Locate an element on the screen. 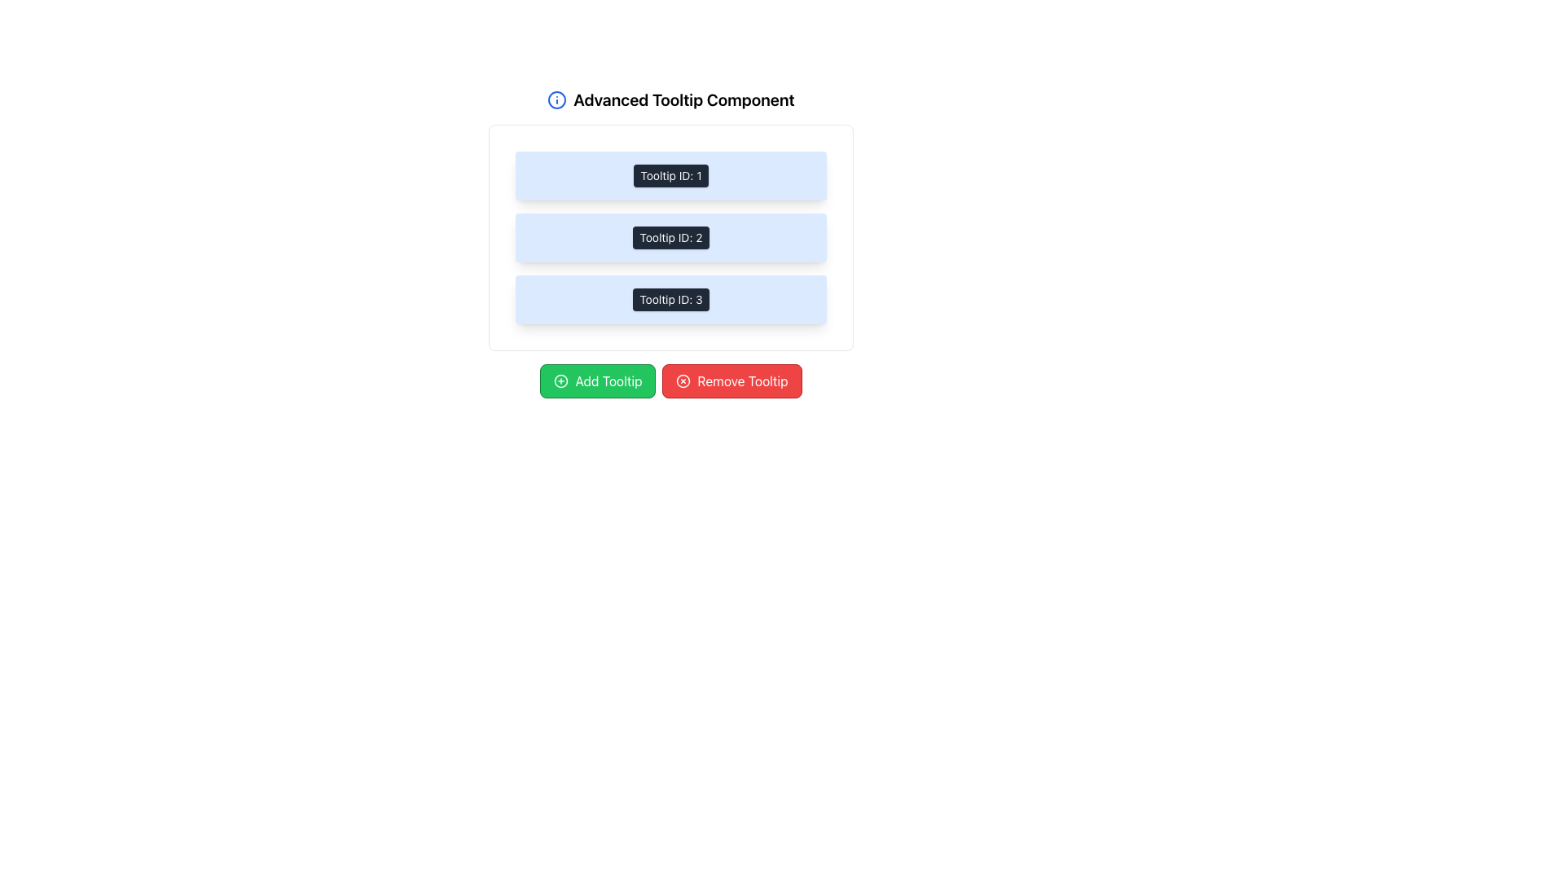 The image size is (1564, 880). the Circle element within the 'Add Tooltip' icon, which is part of the plus sign icon located to the left of the green 'Add Tooltip' button is located at coordinates (561, 381).